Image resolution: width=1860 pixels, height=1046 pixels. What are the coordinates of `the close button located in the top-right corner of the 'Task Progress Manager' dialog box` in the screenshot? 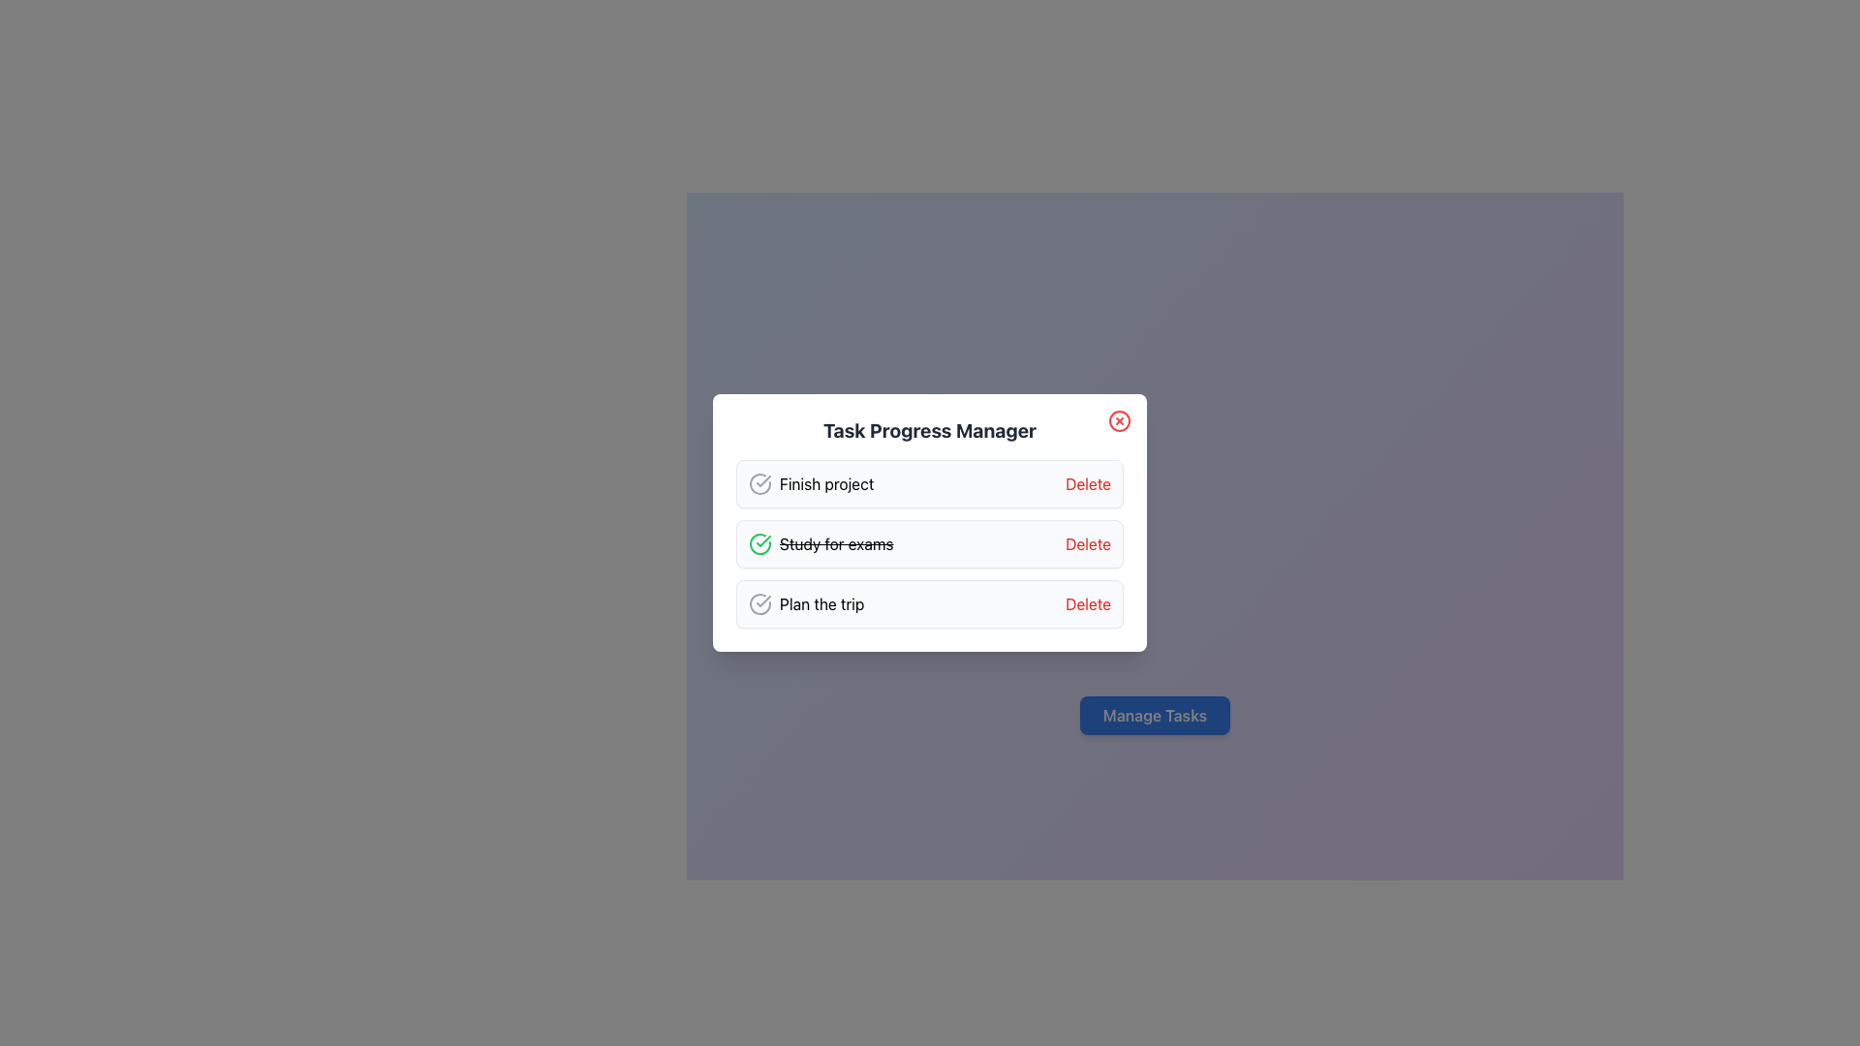 It's located at (1120, 420).